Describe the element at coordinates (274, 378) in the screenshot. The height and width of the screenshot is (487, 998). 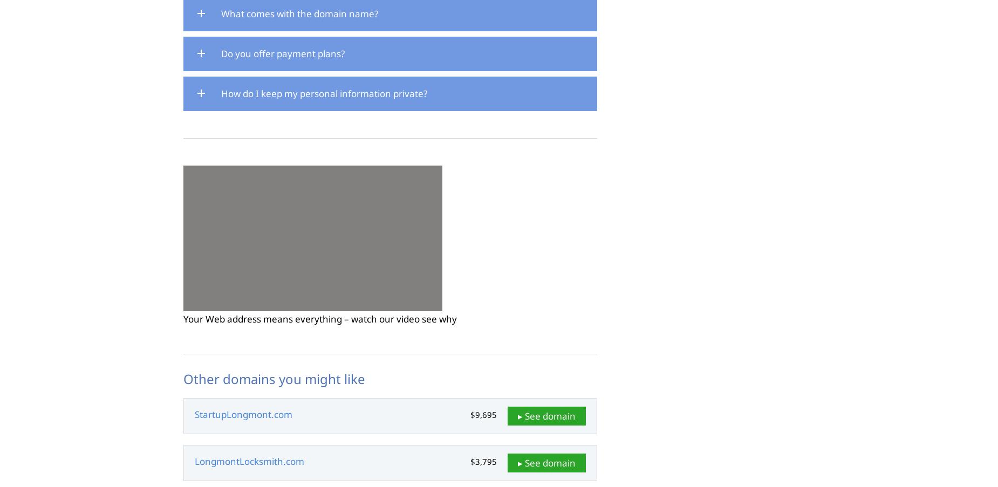
I see `'Other domains you might like'` at that location.